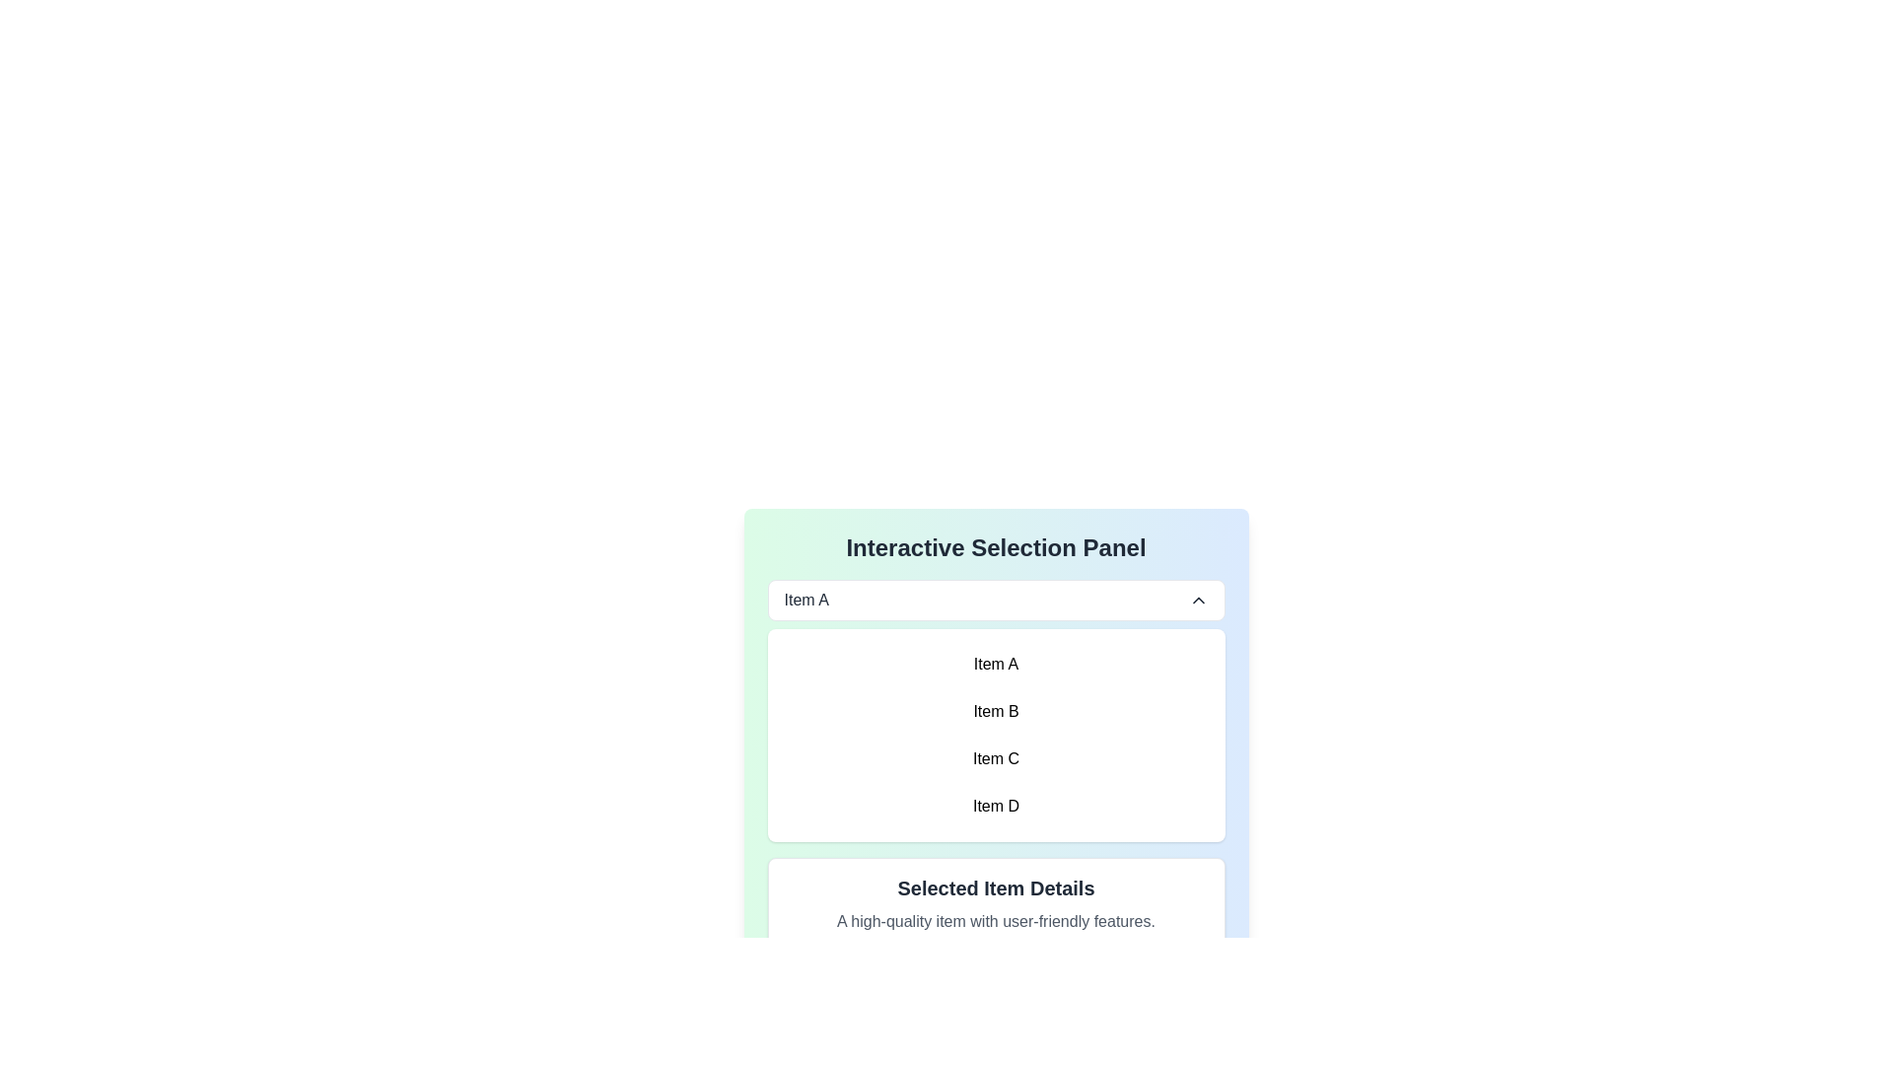  I want to click on the rectangular text block labeled 'Item D', so click(996, 806).